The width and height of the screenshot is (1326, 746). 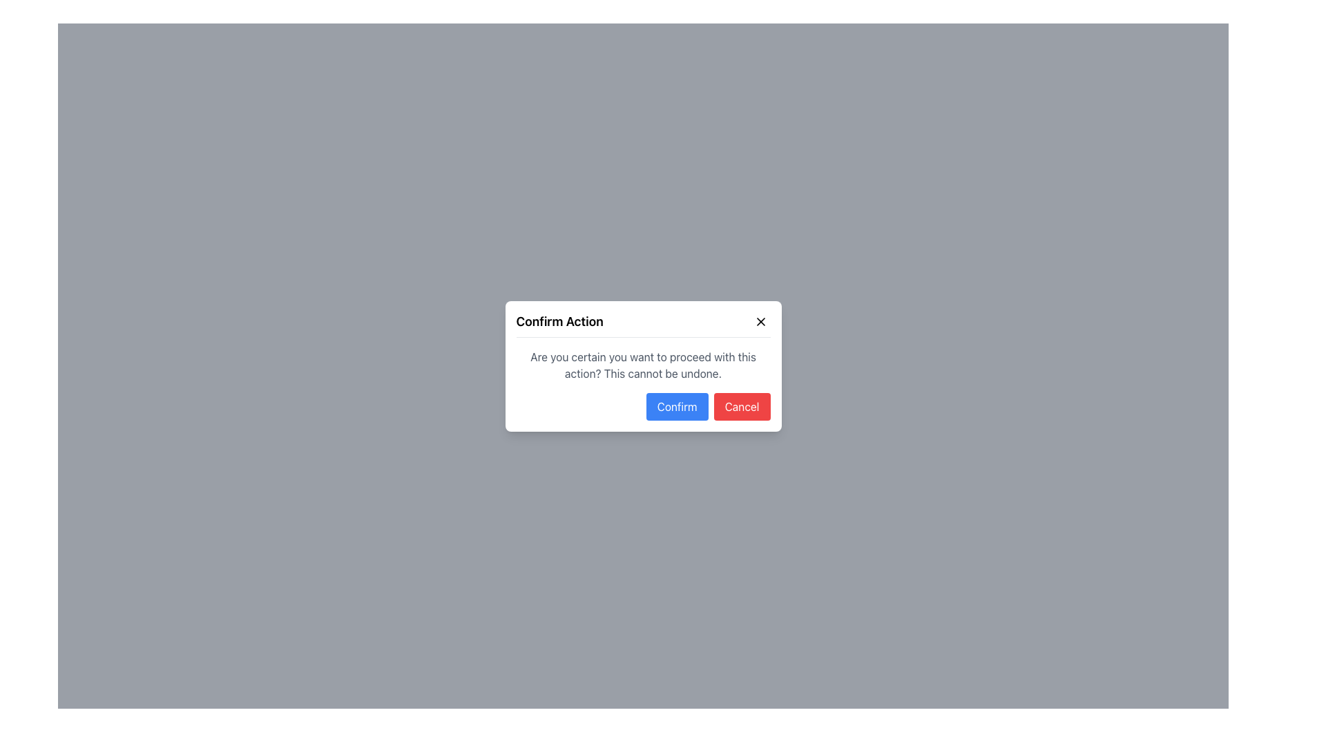 What do you see at coordinates (559, 321) in the screenshot?
I see `text label at the top-left corner of the modal dialog that conveys the primary action or message regarding confirmation` at bounding box center [559, 321].